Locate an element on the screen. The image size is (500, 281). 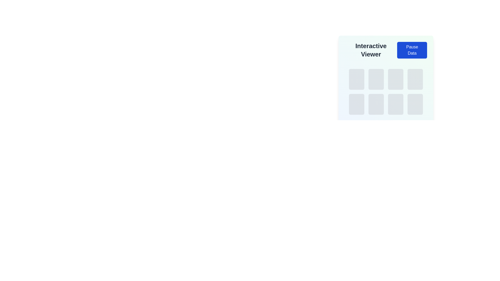
the Skeleton placeholder, which is a light gray rectangular element with rounded corners, positioned as the third item in the first row of a 4-column grid below the title 'Interactive Viewer' is located at coordinates (396, 79).